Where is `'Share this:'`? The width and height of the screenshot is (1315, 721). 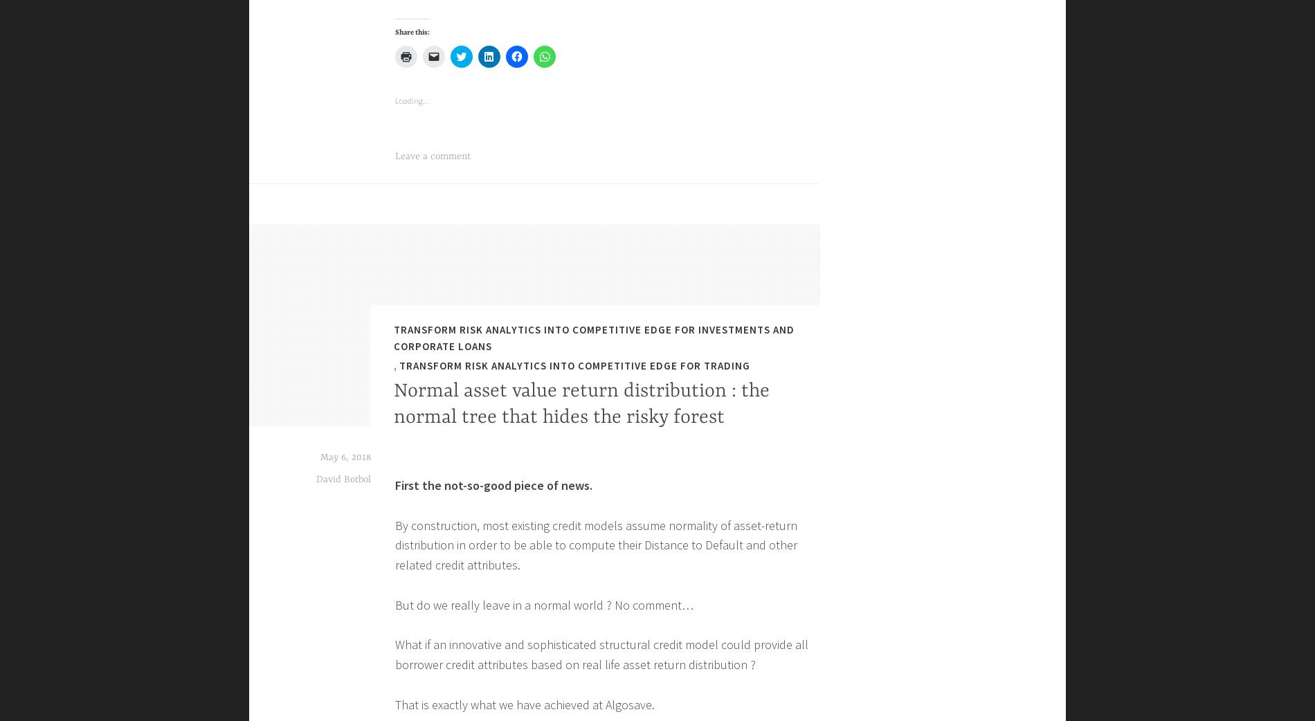 'Share this:' is located at coordinates (412, 611).